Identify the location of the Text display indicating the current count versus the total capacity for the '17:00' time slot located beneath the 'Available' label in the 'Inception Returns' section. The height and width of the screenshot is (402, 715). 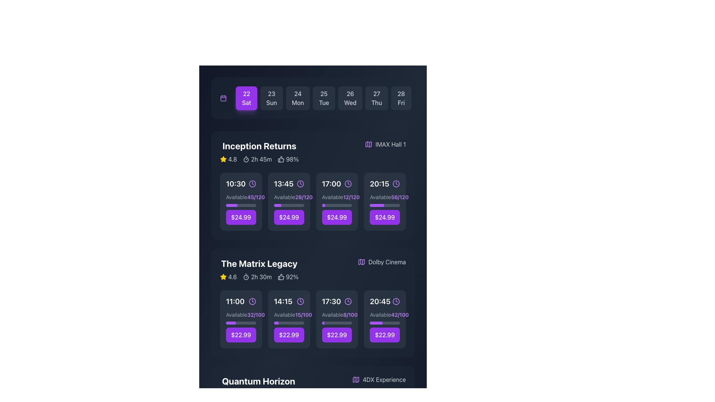
(351, 197).